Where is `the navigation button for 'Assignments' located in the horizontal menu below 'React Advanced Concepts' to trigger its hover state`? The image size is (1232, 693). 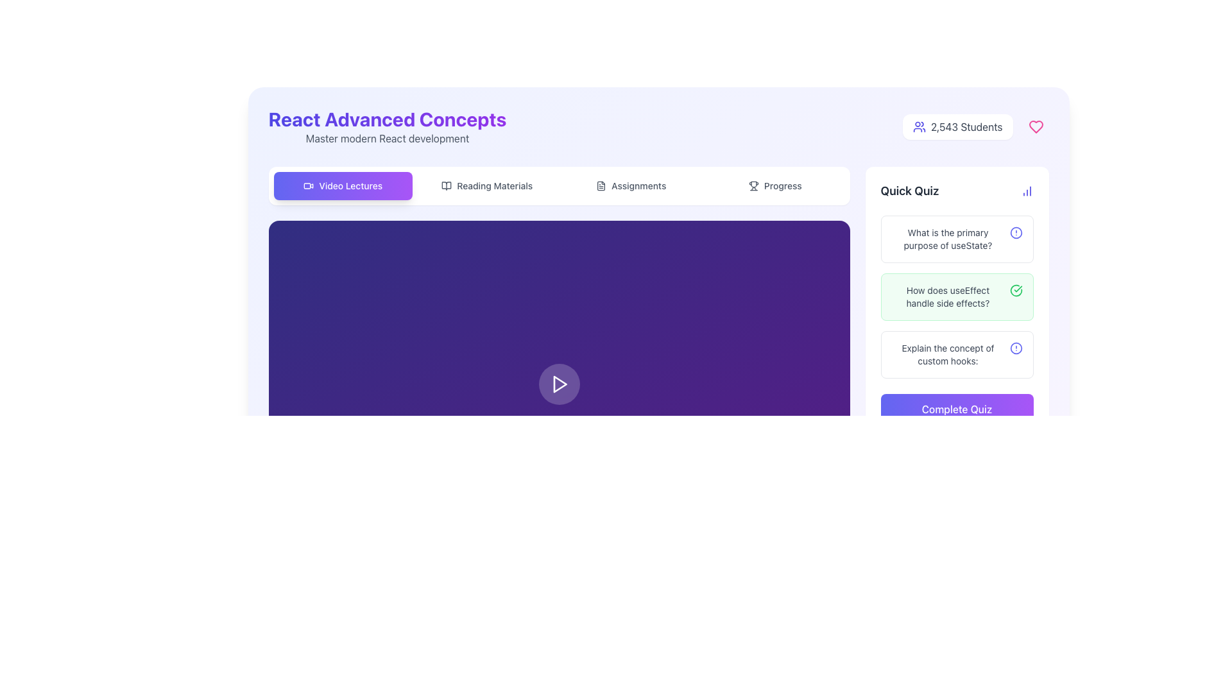
the navigation button for 'Assignments' located in the horizontal menu below 'React Advanced Concepts' to trigger its hover state is located at coordinates (631, 185).